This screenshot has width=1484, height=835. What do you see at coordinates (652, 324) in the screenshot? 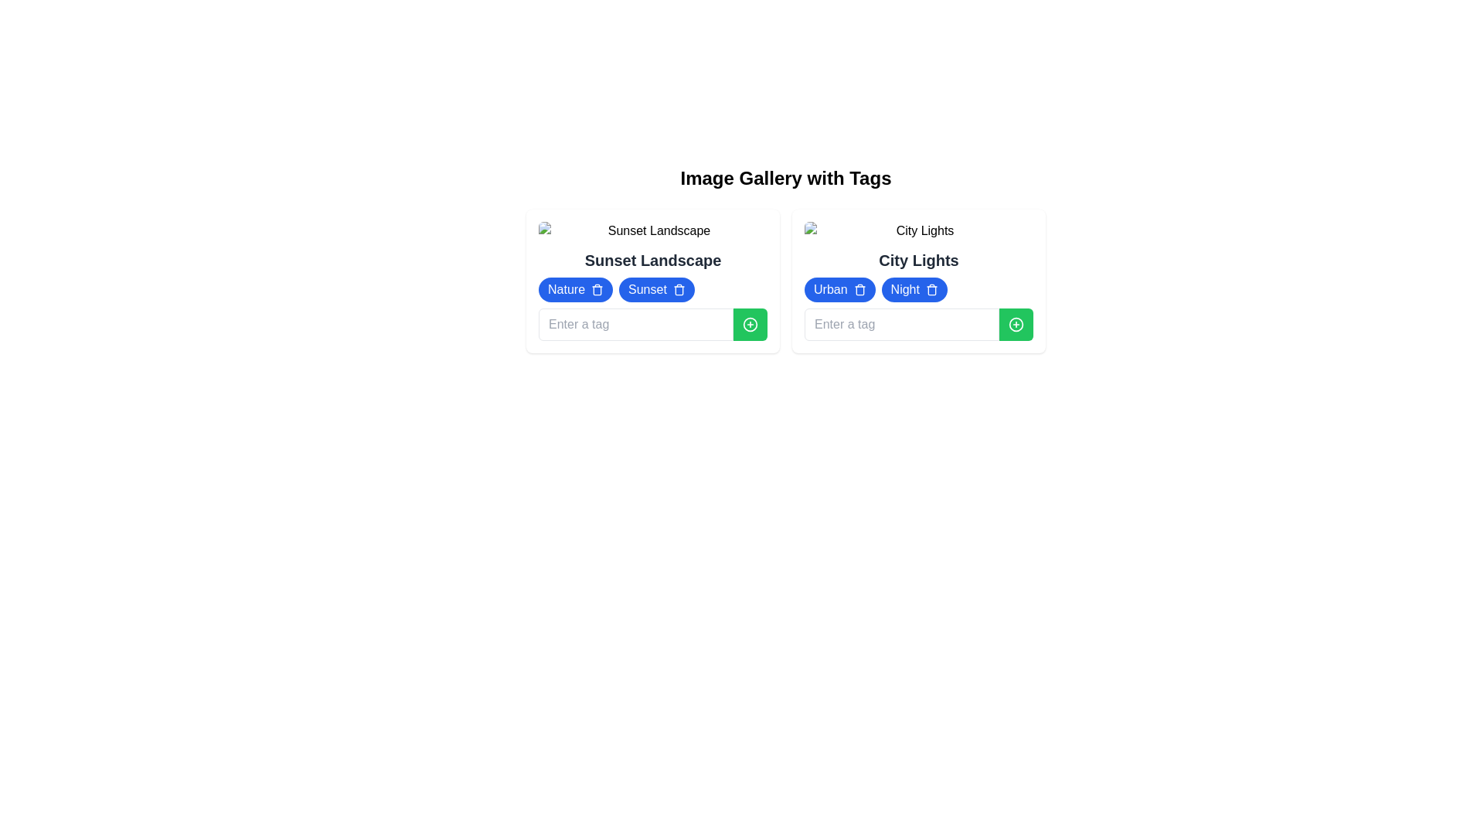
I see `the input field of the composite UI element located within the 'Sunset Landscape' section, positioned below the tags 'Nature' and 'Sunset'` at bounding box center [652, 324].